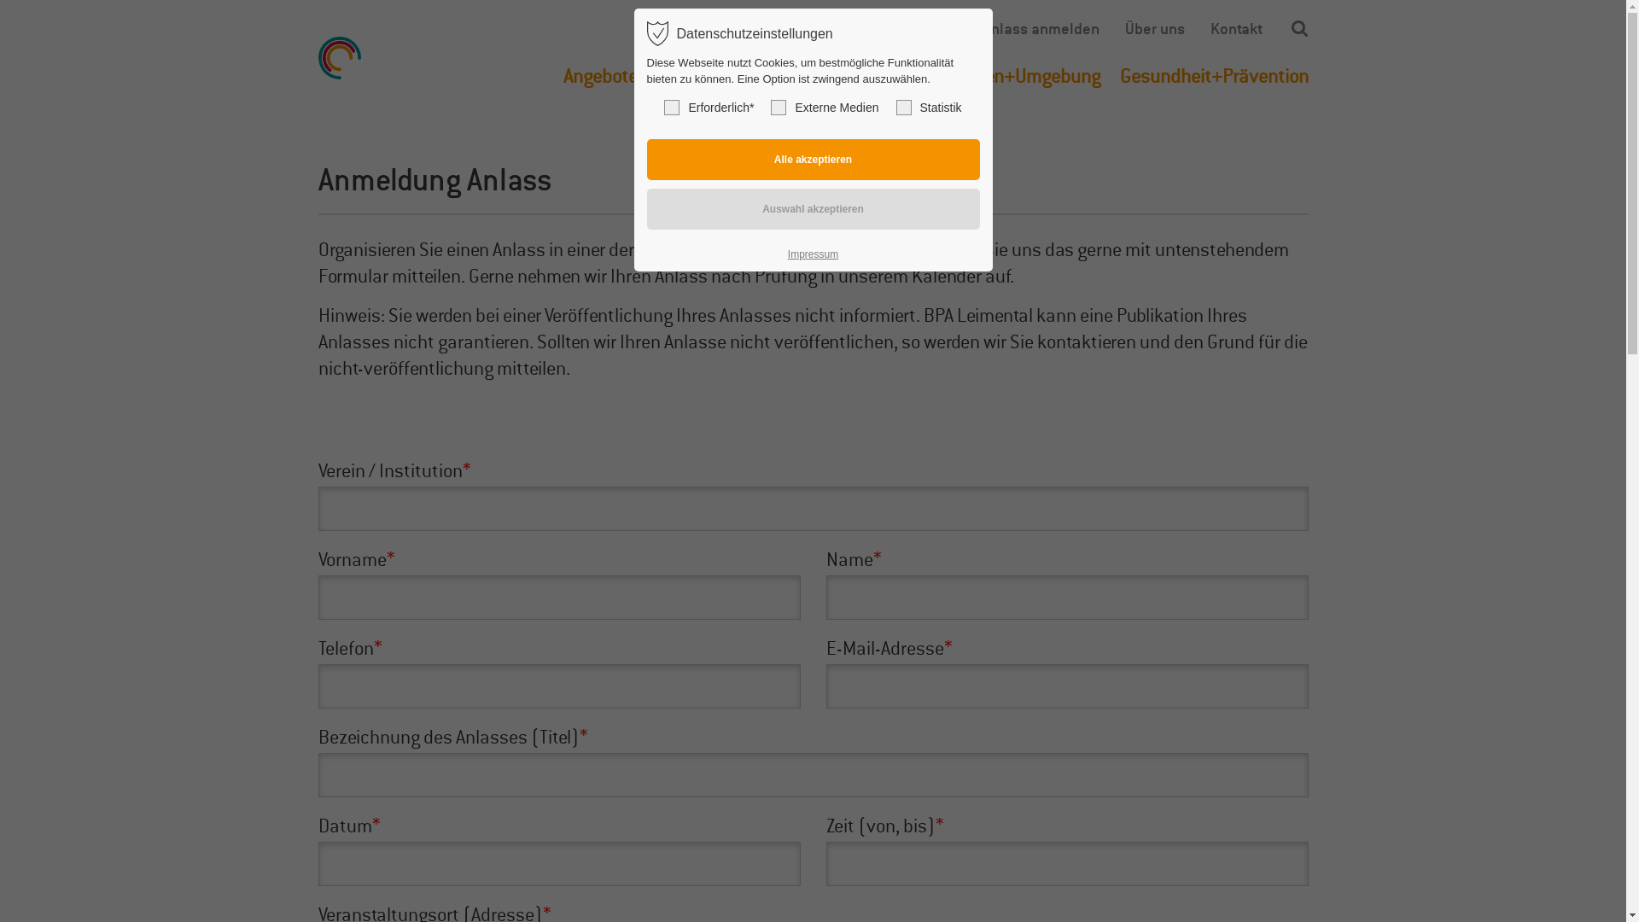  What do you see at coordinates (813, 159) in the screenshot?
I see `'Alle akzeptieren'` at bounding box center [813, 159].